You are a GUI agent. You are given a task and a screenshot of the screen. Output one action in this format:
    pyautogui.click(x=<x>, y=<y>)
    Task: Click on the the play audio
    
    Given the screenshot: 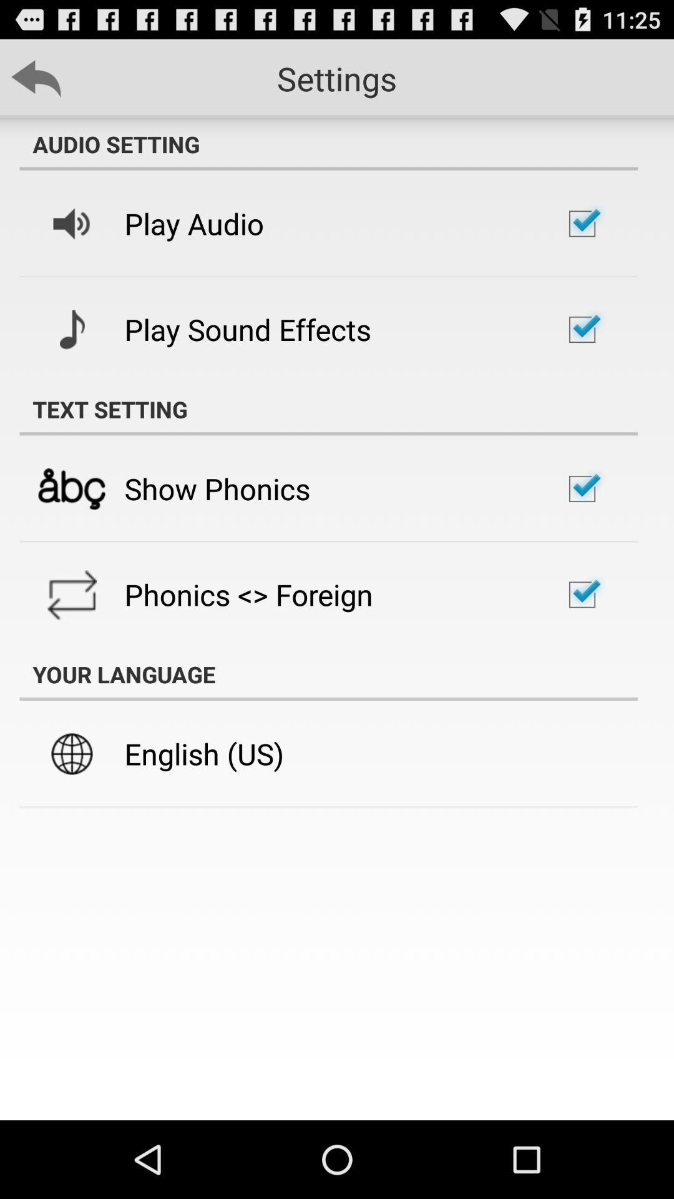 What is the action you would take?
    pyautogui.click(x=194, y=224)
    